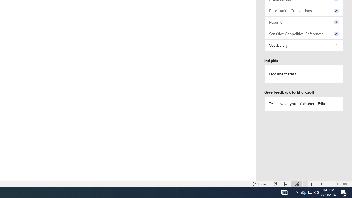 The image size is (352, 198). I want to click on 'Focus ', so click(259, 184).